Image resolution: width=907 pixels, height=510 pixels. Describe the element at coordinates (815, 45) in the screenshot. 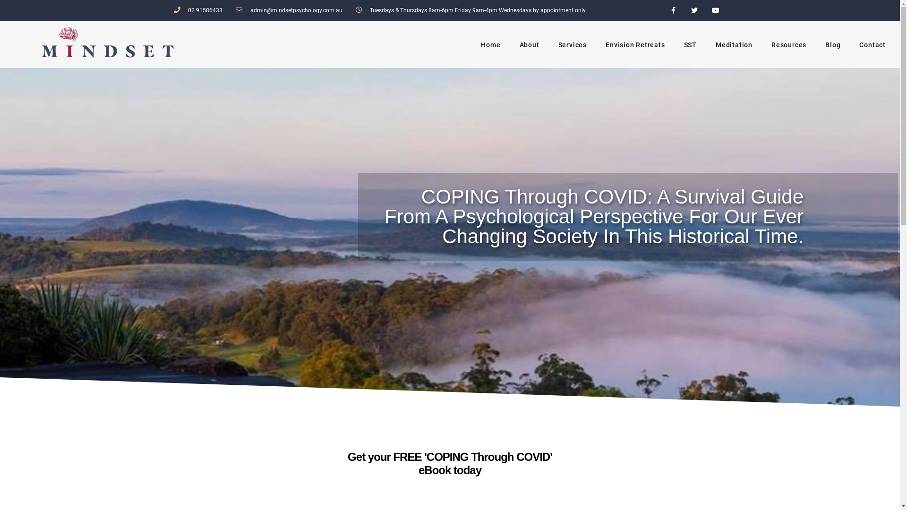

I see `'Blog'` at that location.